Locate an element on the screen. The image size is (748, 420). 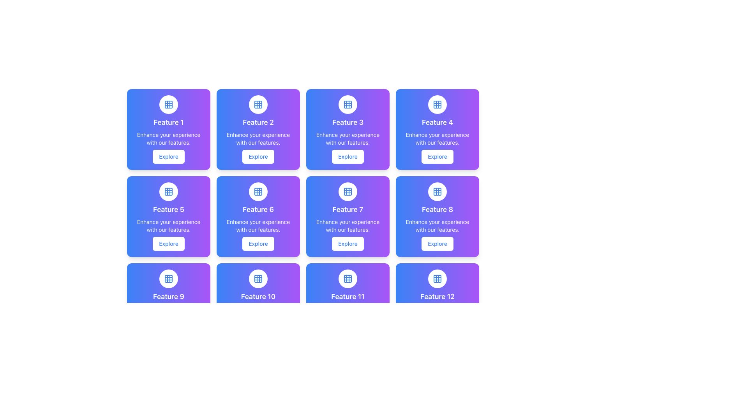
the icon representing a grid or set of features located within the fourth card in the top row of the grid layout is located at coordinates (438, 104).